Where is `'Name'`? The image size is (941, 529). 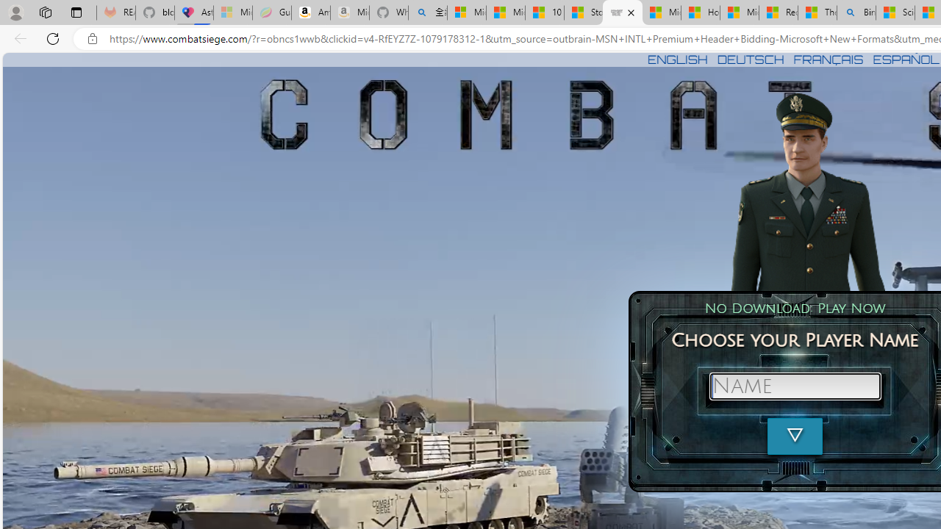
'Name' is located at coordinates (794, 385).